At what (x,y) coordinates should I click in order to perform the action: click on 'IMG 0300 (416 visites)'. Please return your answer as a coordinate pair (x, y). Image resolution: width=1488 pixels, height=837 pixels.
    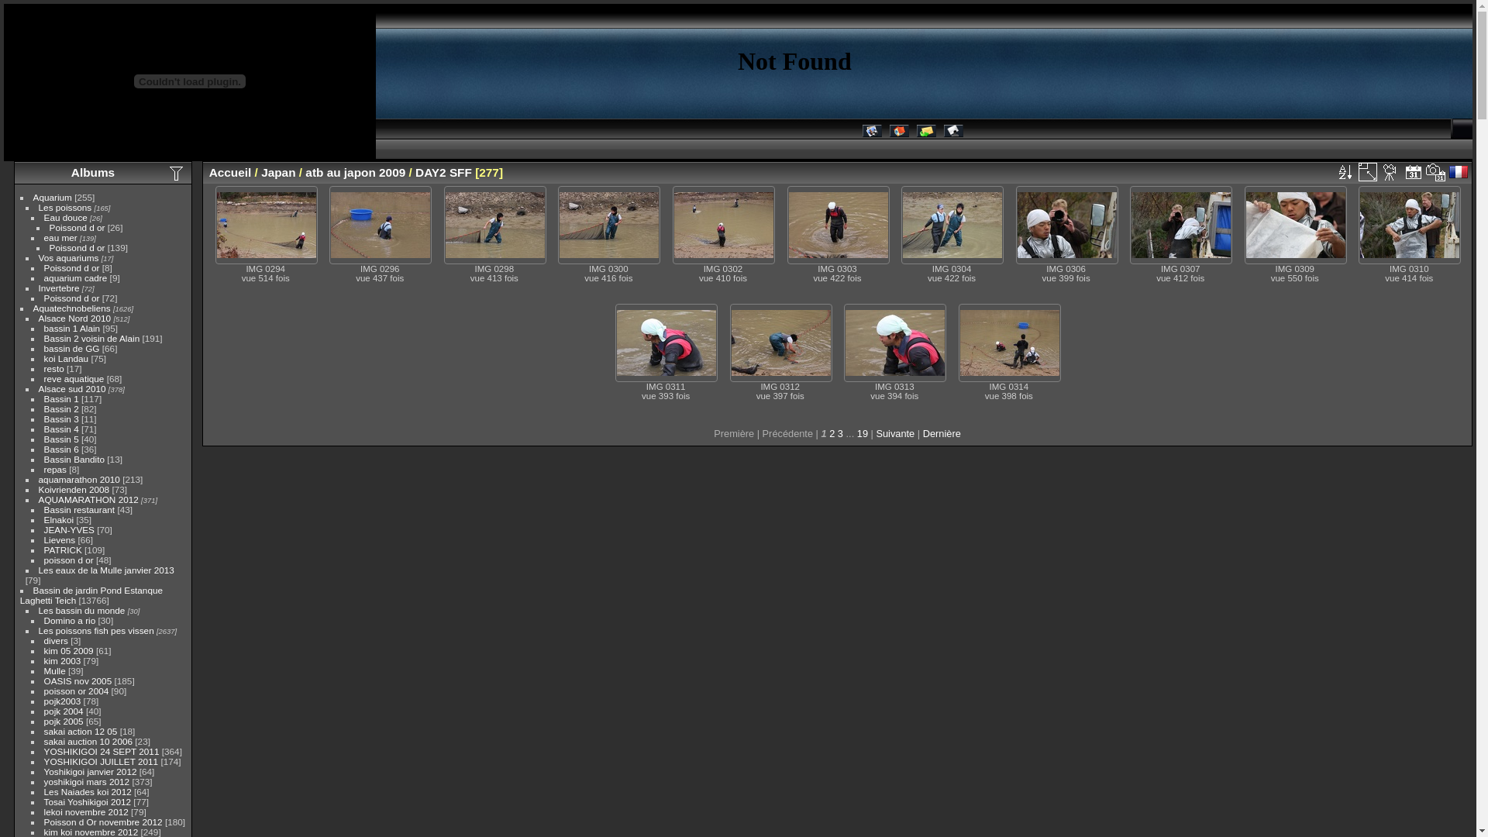
    Looking at the image, I should click on (608, 225).